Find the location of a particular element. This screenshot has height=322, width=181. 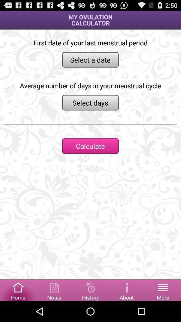

access notes is located at coordinates (54, 289).